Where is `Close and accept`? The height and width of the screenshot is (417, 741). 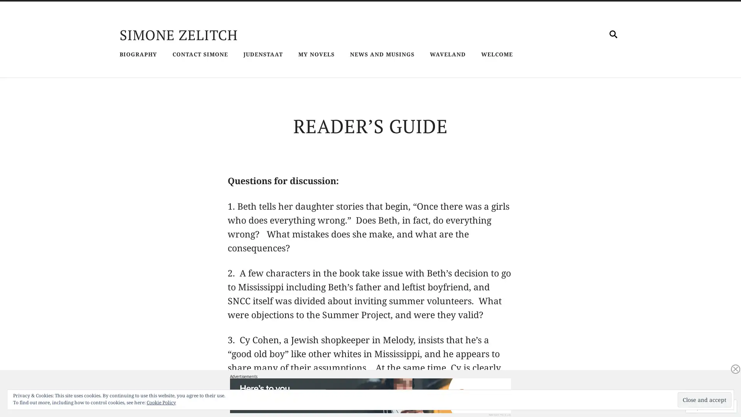 Close and accept is located at coordinates (704, 400).